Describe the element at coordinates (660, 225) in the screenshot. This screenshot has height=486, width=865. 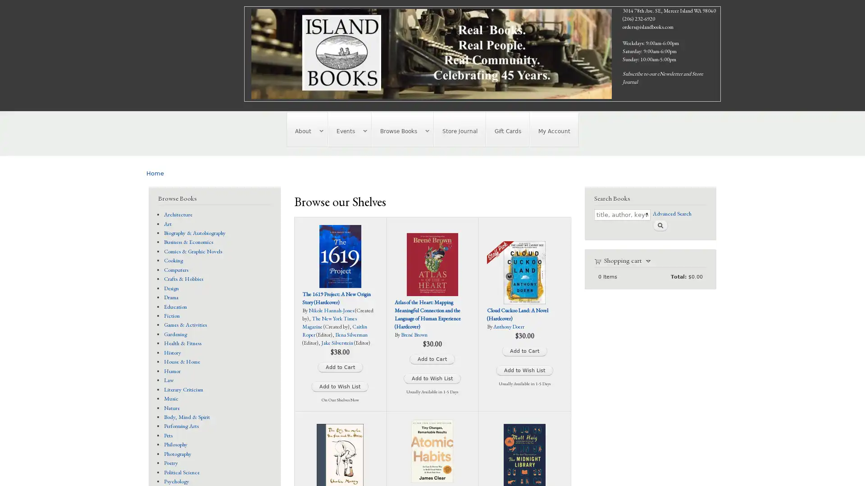
I see `Search` at that location.